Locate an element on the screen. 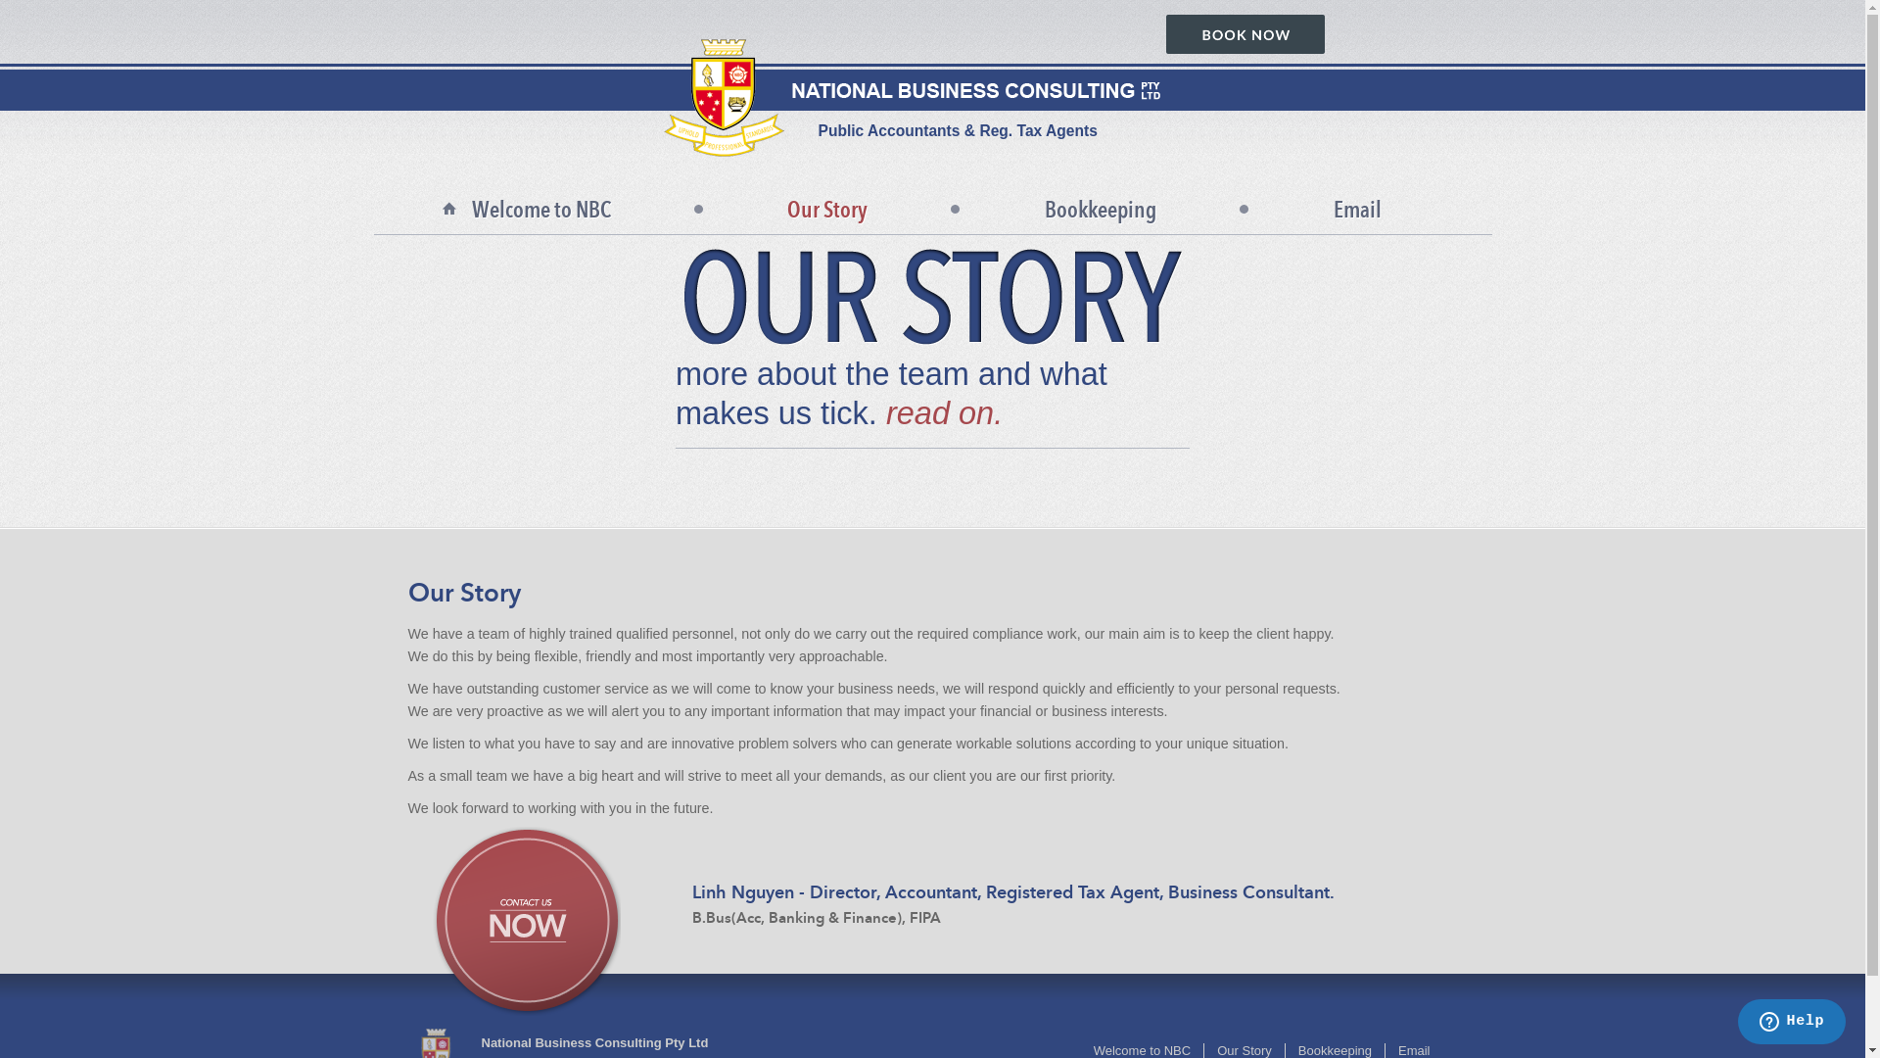 The width and height of the screenshot is (1880, 1058). 'Our Story' is located at coordinates (826, 210).